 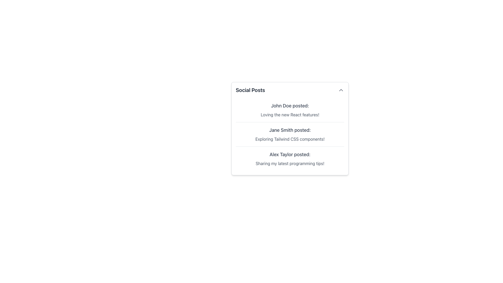 I want to click on text label indicating the author of the post, which is centrally placed above the descriptive text in the post card, so click(x=290, y=106).